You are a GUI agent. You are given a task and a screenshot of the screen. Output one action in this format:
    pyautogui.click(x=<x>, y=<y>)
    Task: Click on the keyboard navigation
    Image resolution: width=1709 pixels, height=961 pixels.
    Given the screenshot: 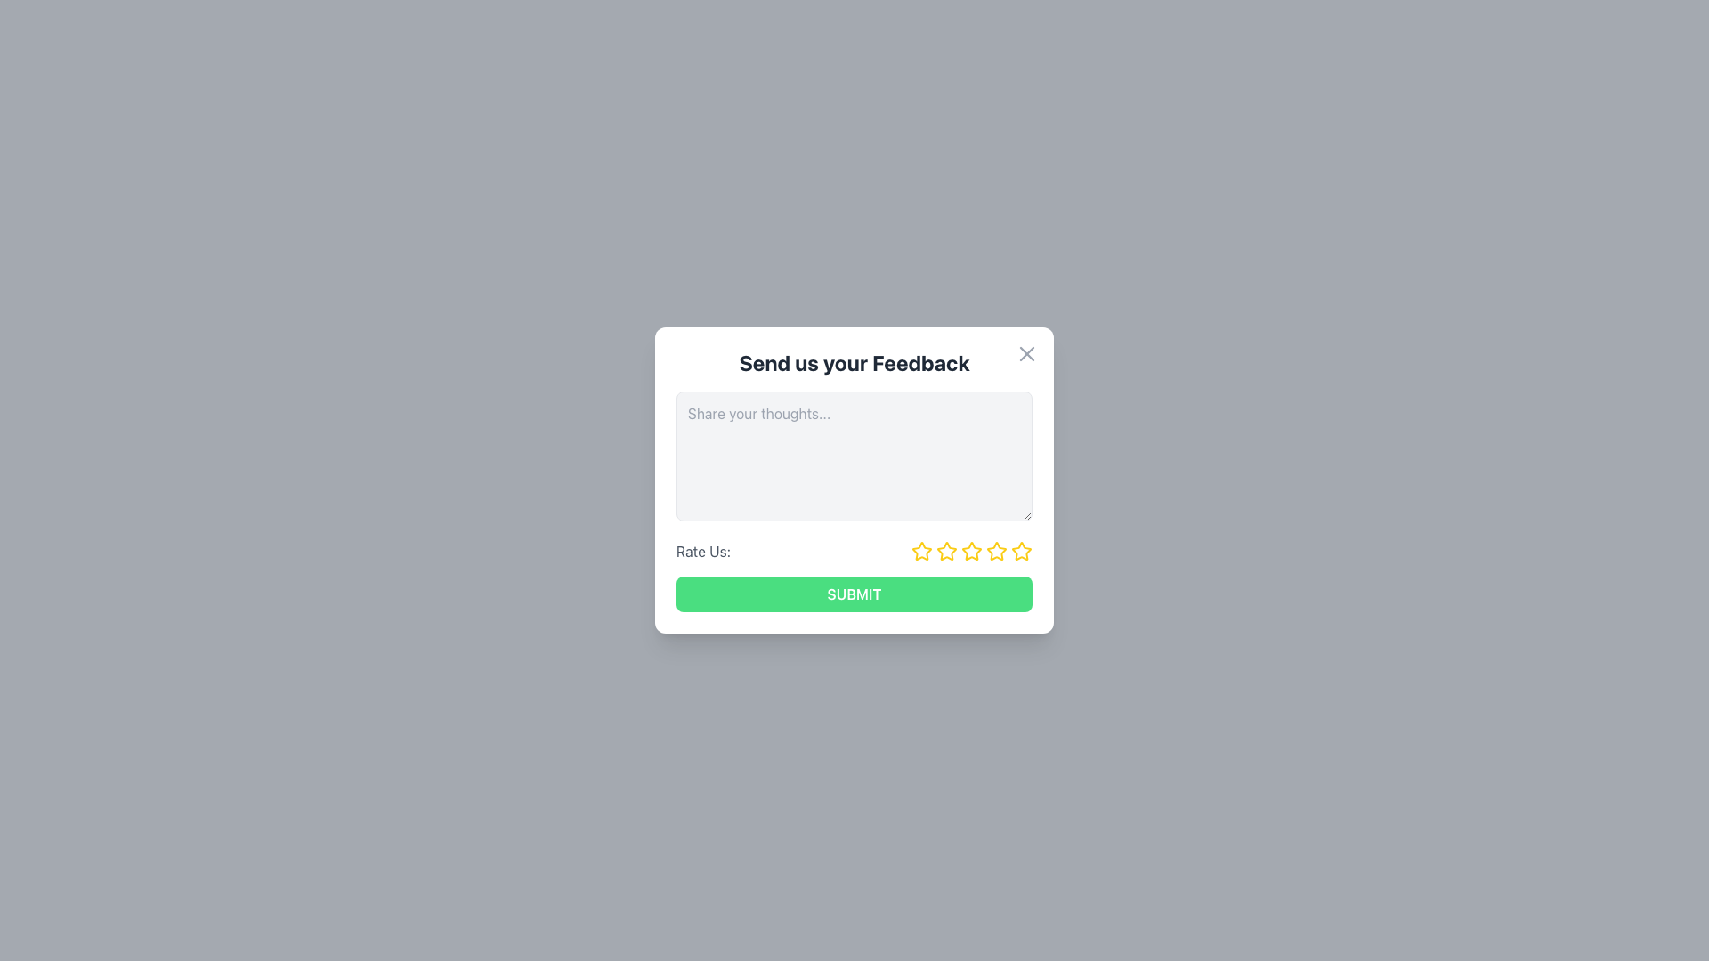 What is the action you would take?
    pyautogui.click(x=854, y=594)
    